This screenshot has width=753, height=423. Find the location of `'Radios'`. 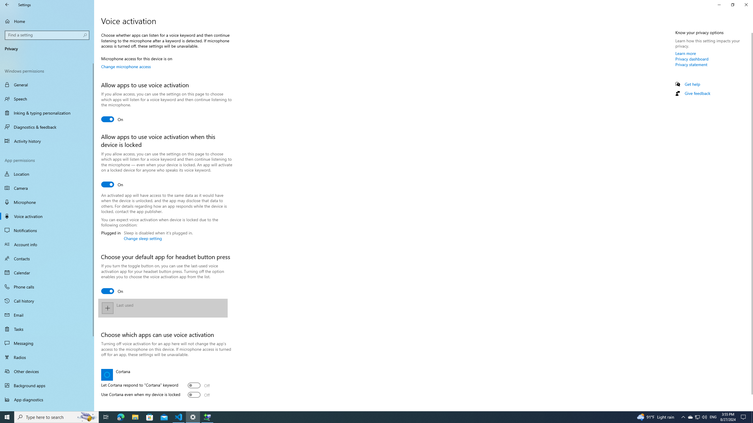

'Radios' is located at coordinates (47, 357).